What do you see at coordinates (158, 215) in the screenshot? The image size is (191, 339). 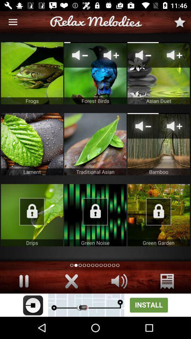 I see `unlock item` at bounding box center [158, 215].